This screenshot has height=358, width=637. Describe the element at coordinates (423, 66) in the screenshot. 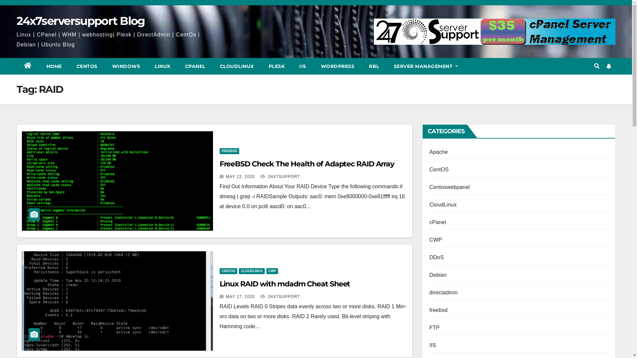

I see `'SERVER MANAGEMENT'` at that location.